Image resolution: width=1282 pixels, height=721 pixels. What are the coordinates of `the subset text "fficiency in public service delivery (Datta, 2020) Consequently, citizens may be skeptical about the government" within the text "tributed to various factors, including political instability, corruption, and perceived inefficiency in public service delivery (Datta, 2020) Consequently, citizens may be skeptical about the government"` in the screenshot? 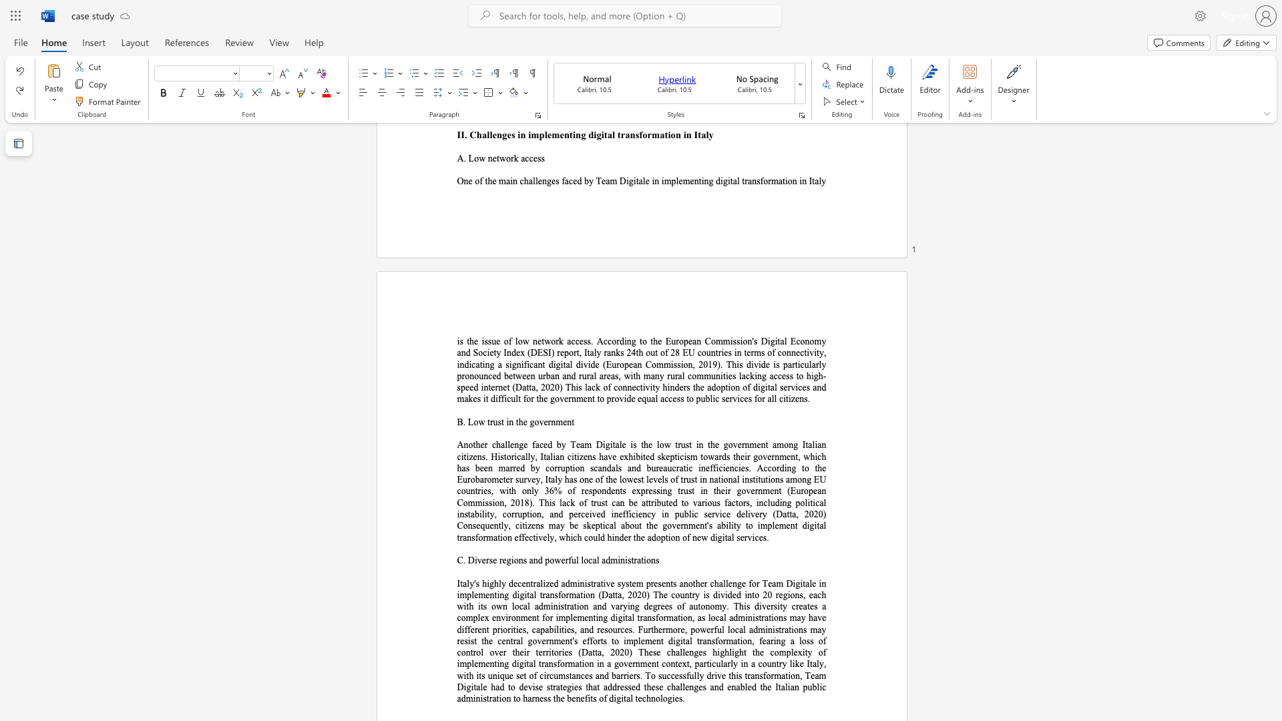 It's located at (622, 513).